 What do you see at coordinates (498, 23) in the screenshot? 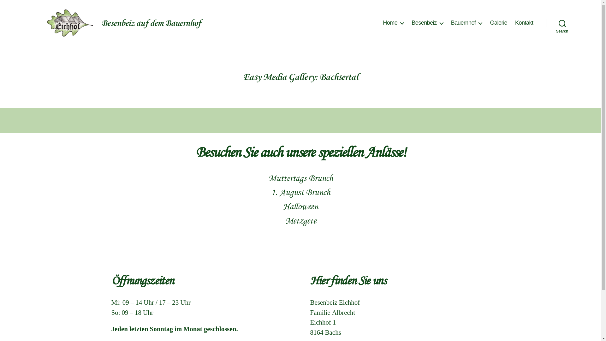
I see `'Galerie'` at bounding box center [498, 23].